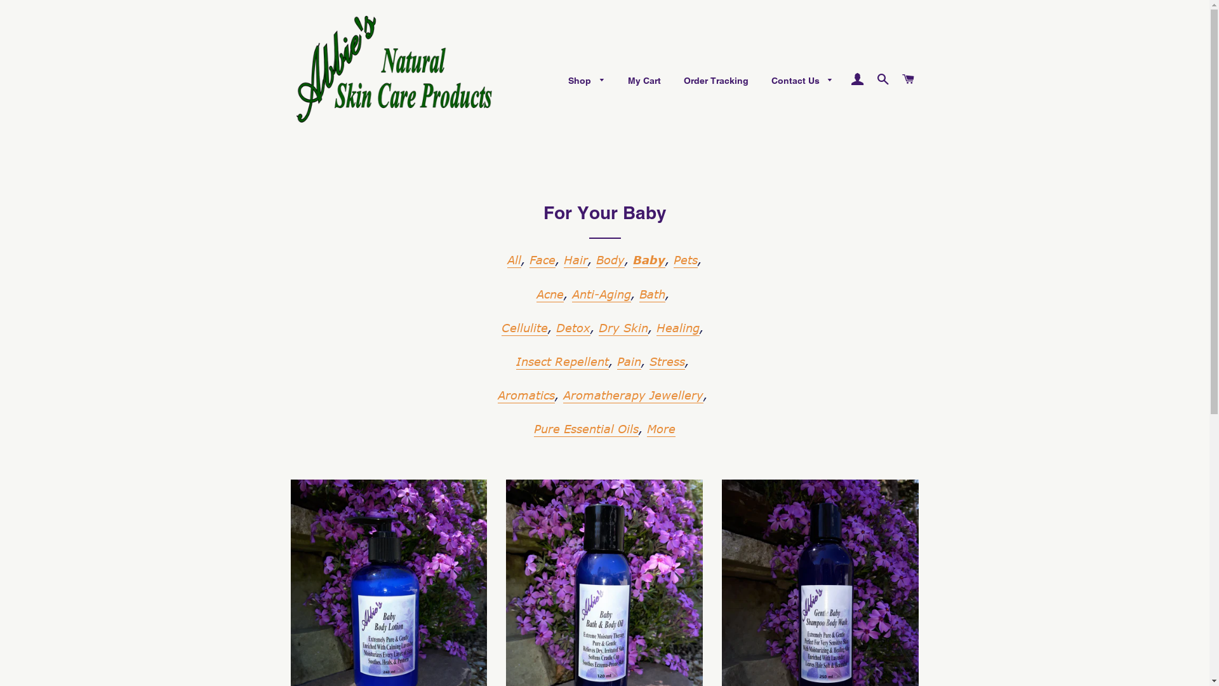 This screenshot has width=1219, height=686. I want to click on 'Insect Repellent', so click(562, 362).